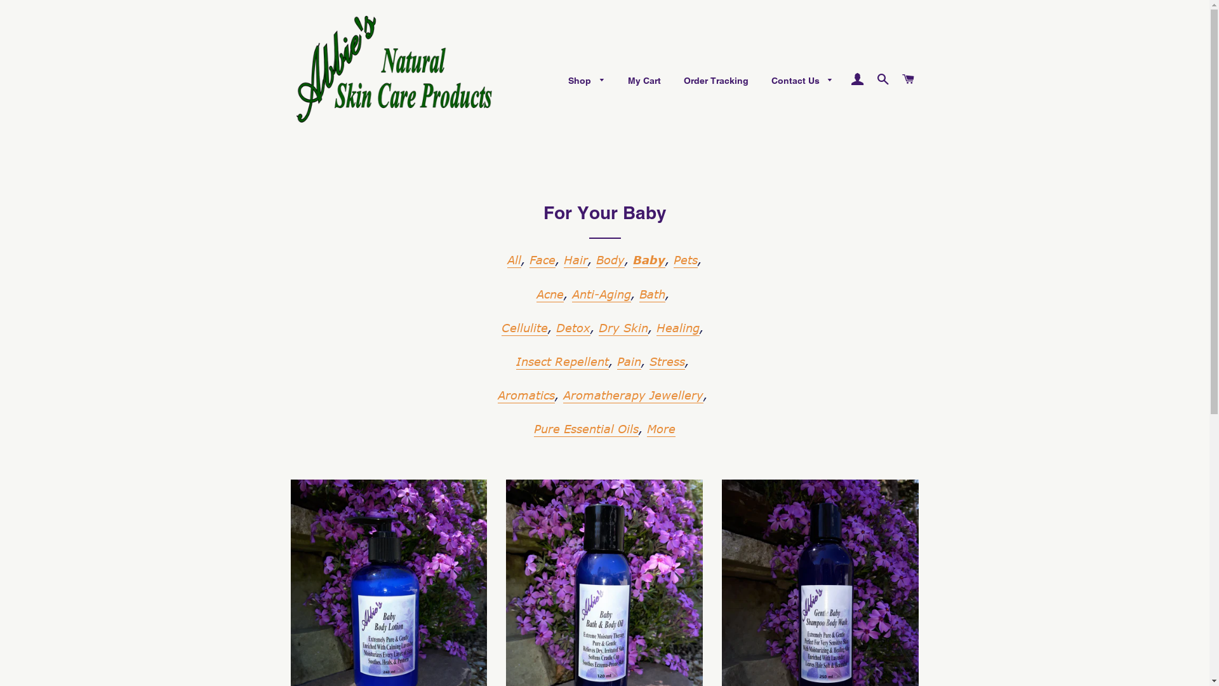 This screenshot has width=1219, height=686. I want to click on 'Insect Repellent', so click(562, 362).